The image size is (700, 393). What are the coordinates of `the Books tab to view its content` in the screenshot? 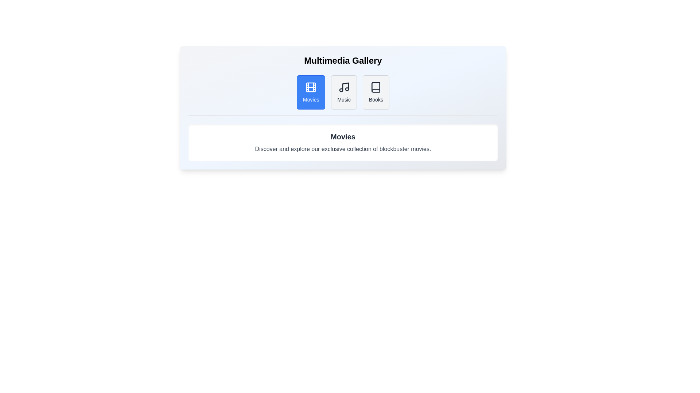 It's located at (376, 92).